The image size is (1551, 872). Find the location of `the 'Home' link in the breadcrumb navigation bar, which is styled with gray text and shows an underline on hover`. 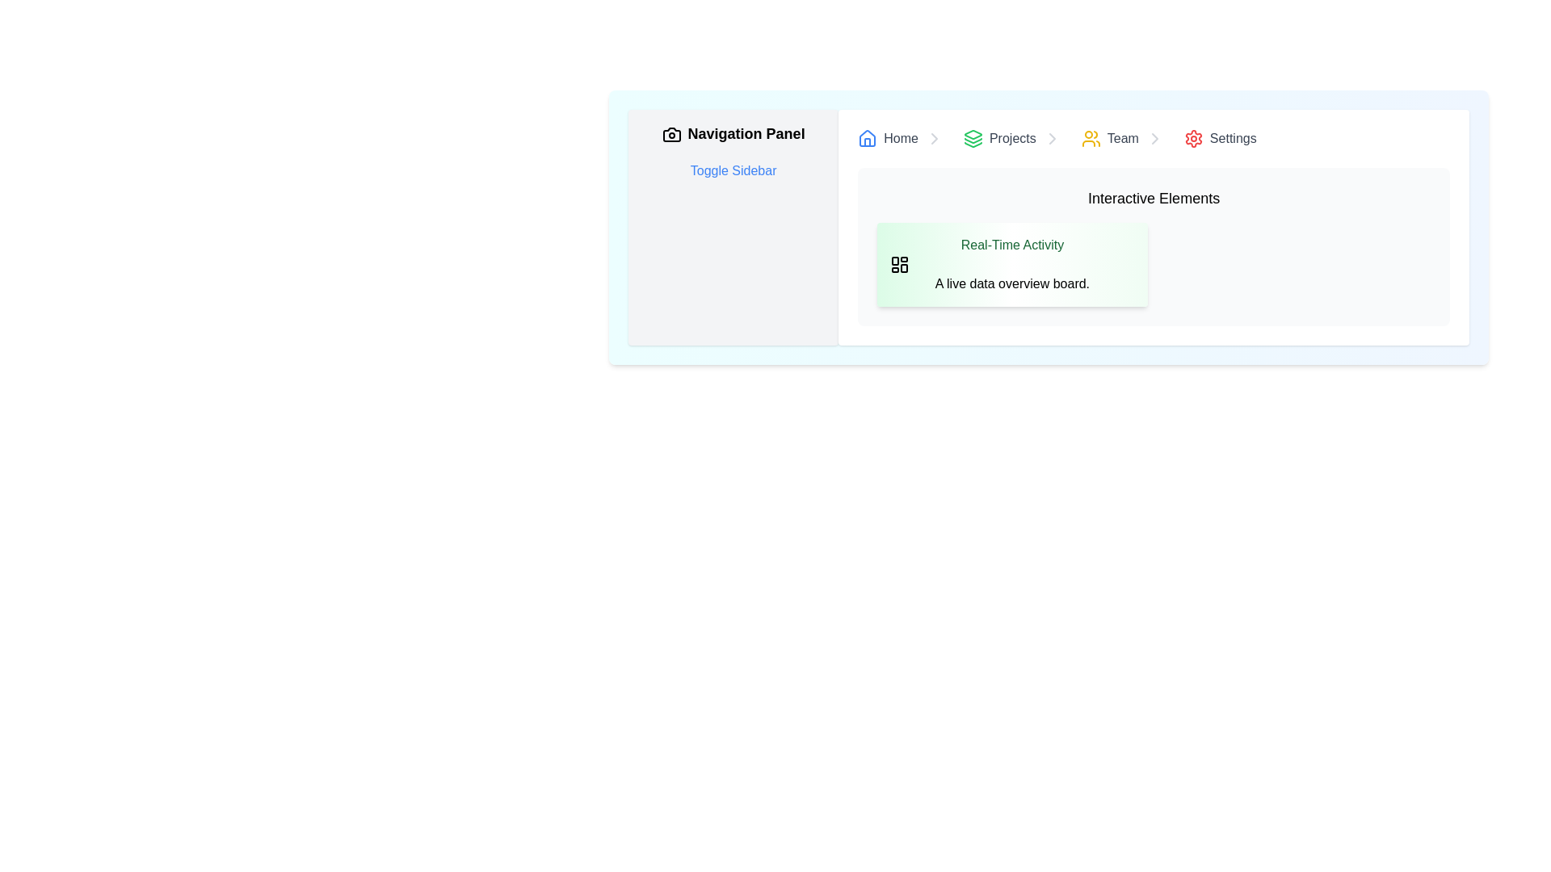

the 'Home' link in the breadcrumb navigation bar, which is styled with gray text and shows an underline on hover is located at coordinates (887, 138).